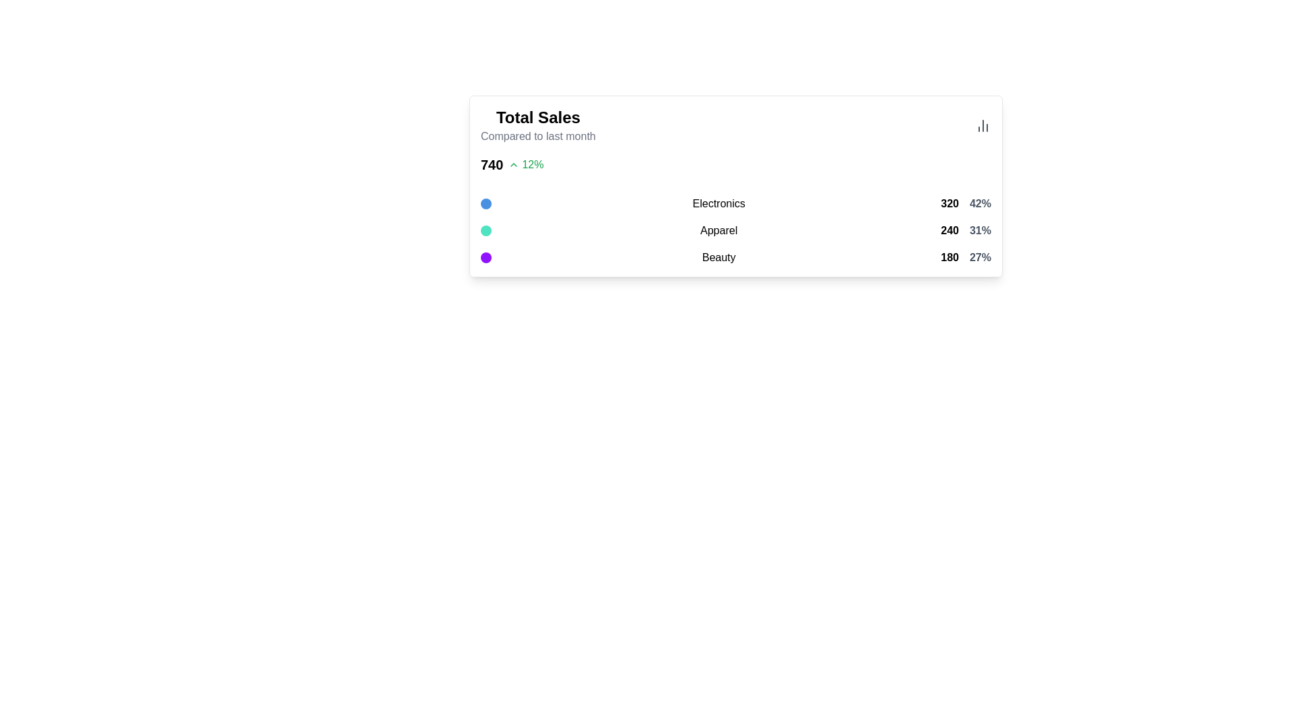 The height and width of the screenshot is (727, 1293). Describe the element at coordinates (718, 204) in the screenshot. I see `the 'Electronics' category label, which is located in the second row of the category list, positioned between a blue circular marker and numerical values` at that location.